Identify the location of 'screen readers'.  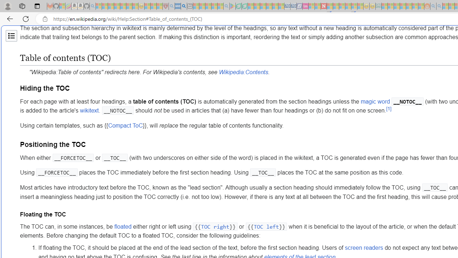
(364, 248).